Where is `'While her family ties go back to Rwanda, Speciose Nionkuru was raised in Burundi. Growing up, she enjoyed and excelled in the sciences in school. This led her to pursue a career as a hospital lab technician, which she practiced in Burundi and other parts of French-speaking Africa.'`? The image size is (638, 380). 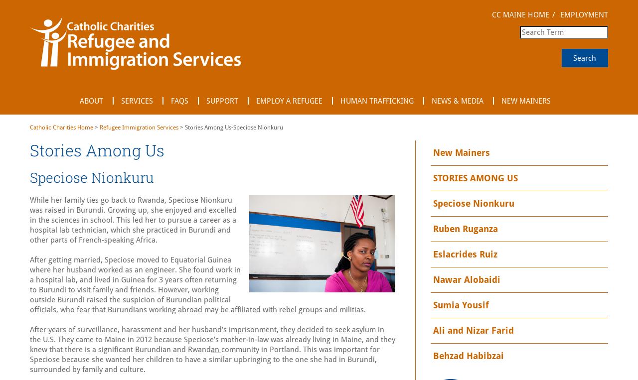 'While her family ties go back to Rwanda, Speciose Nionkuru was raised in Burundi. Growing up, she enjoyed and excelled in the sciences in school. This led her to pursue a career as a hospital lab technician, which she practiced in Burundi and other parts of French-speaking Africa.' is located at coordinates (30, 220).